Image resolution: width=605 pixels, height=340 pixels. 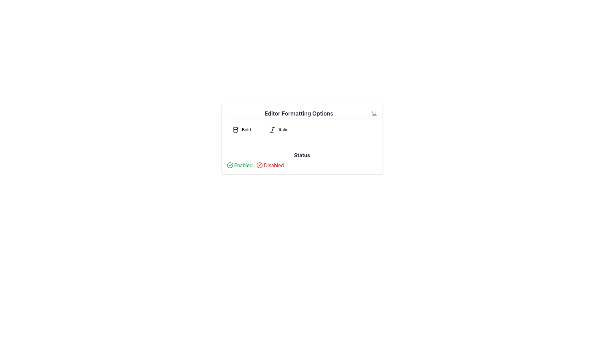 What do you see at coordinates (272, 129) in the screenshot?
I see `the italicized 'I' icon within the 'Italic' button group in the 'Editor Formatting Options' menu, located to the right of the 'Bold' button` at bounding box center [272, 129].